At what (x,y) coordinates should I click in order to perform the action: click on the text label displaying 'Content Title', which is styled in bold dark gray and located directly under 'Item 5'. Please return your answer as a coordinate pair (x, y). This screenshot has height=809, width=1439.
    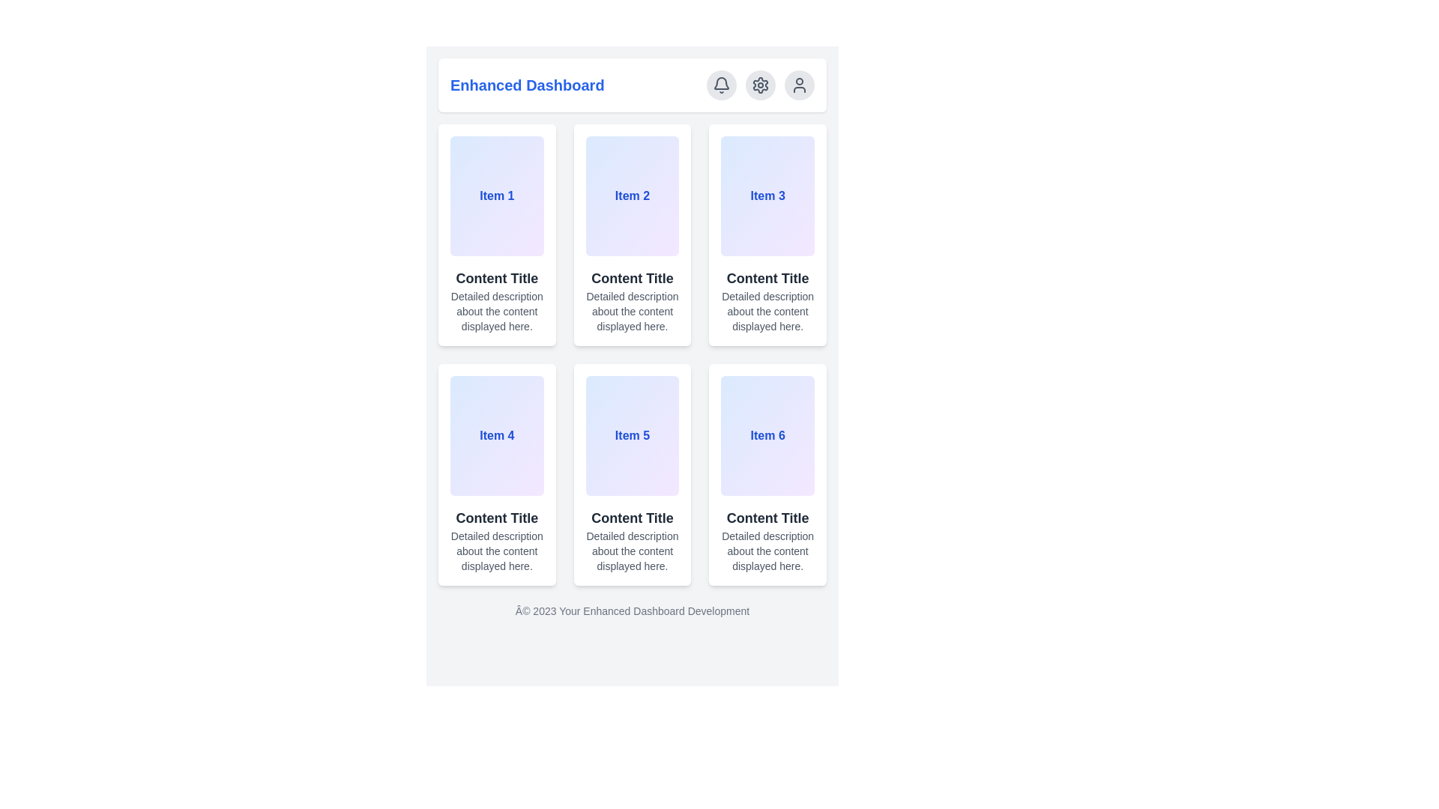
    Looking at the image, I should click on (633, 517).